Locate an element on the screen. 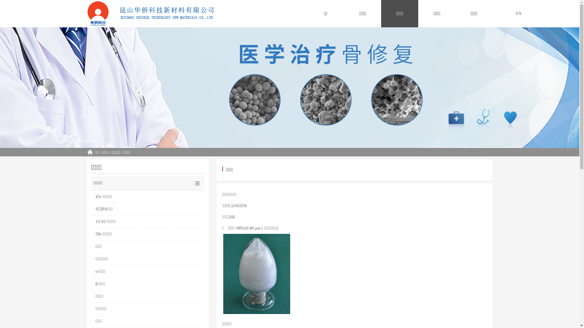  'EN' is located at coordinates (518, 14).